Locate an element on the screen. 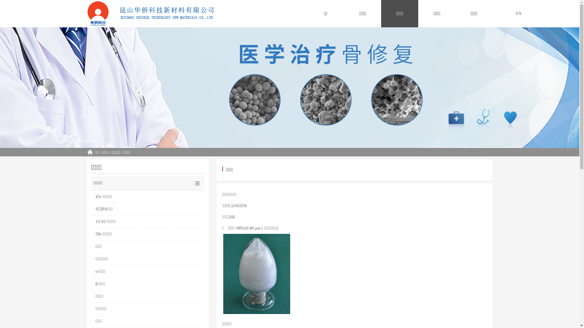  'EN' is located at coordinates (518, 14).